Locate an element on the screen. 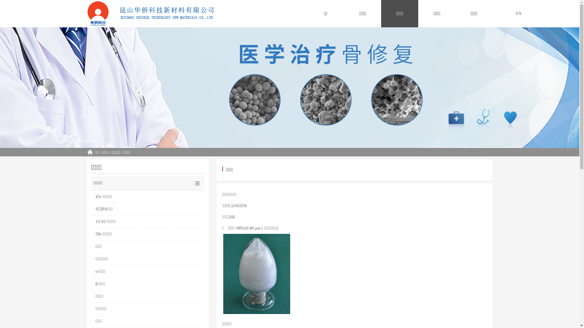  'EN' is located at coordinates (518, 14).